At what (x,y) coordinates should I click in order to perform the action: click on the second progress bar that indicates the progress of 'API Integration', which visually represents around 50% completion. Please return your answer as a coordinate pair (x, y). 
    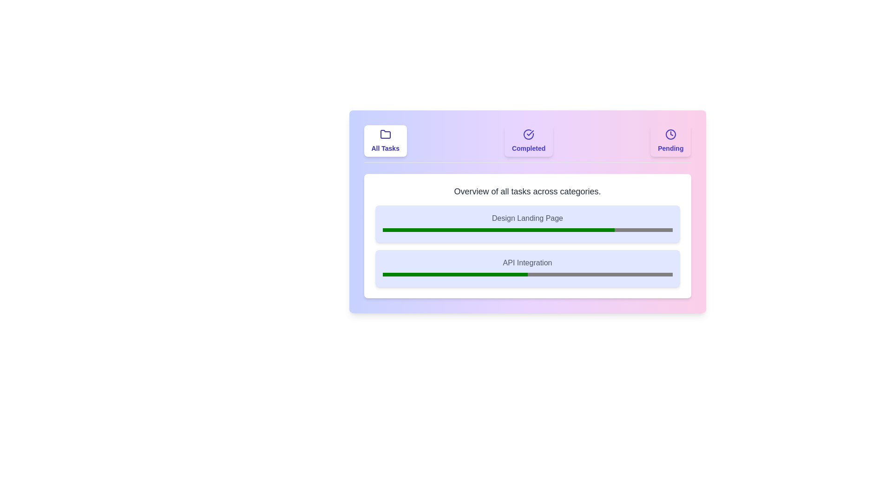
    Looking at the image, I should click on (527, 274).